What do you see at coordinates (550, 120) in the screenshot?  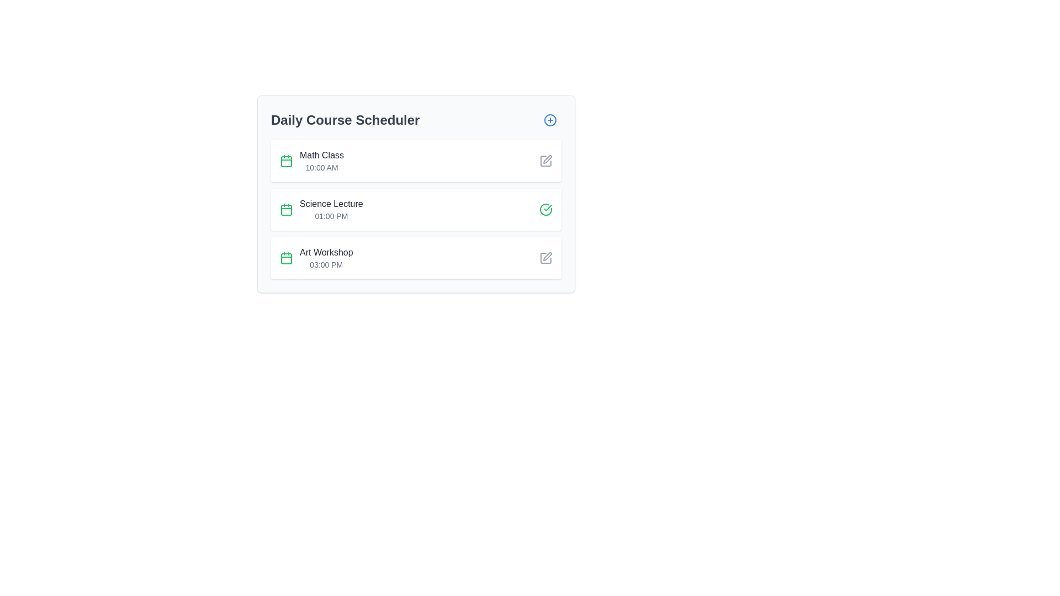 I see `the visual representation of the SVG circle graphic that is positioned at the top right corner of the 'Daily Course Scheduler' card interface` at bounding box center [550, 120].